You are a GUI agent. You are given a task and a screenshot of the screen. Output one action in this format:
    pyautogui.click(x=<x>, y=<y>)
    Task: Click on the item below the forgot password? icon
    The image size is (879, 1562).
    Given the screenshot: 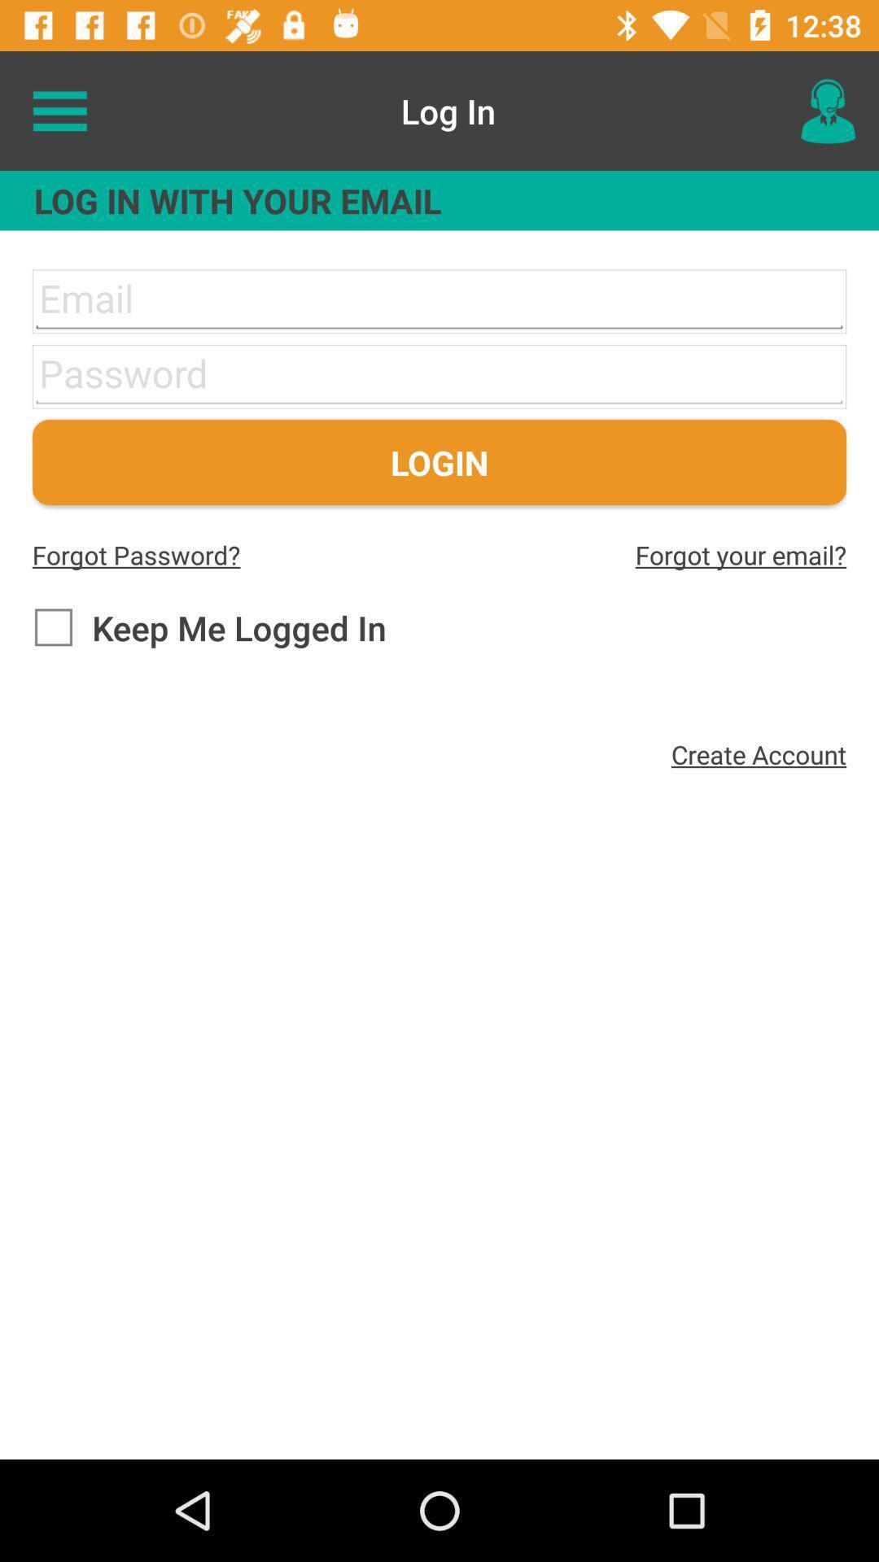 What is the action you would take?
    pyautogui.click(x=208, y=626)
    